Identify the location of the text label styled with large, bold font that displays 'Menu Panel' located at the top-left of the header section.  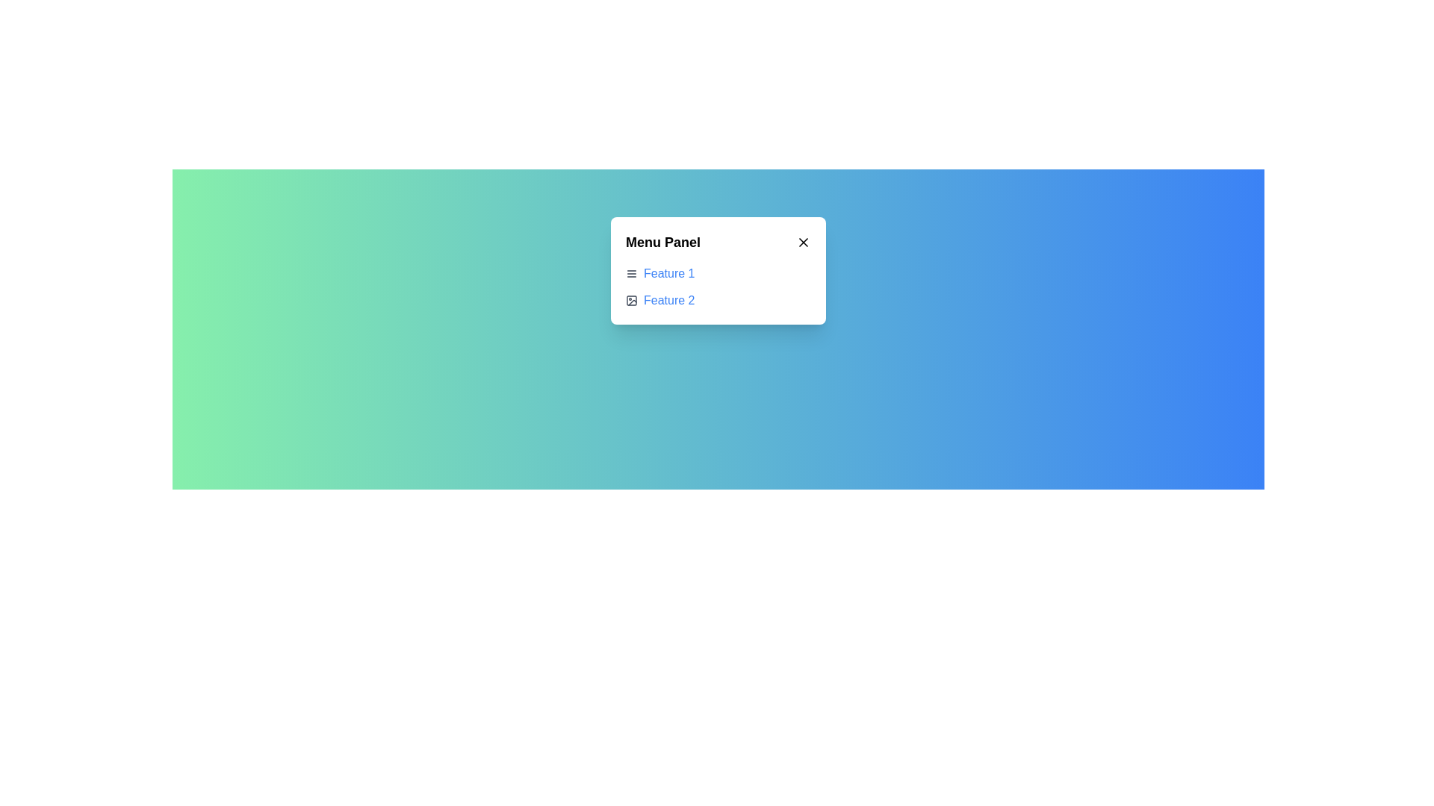
(662, 241).